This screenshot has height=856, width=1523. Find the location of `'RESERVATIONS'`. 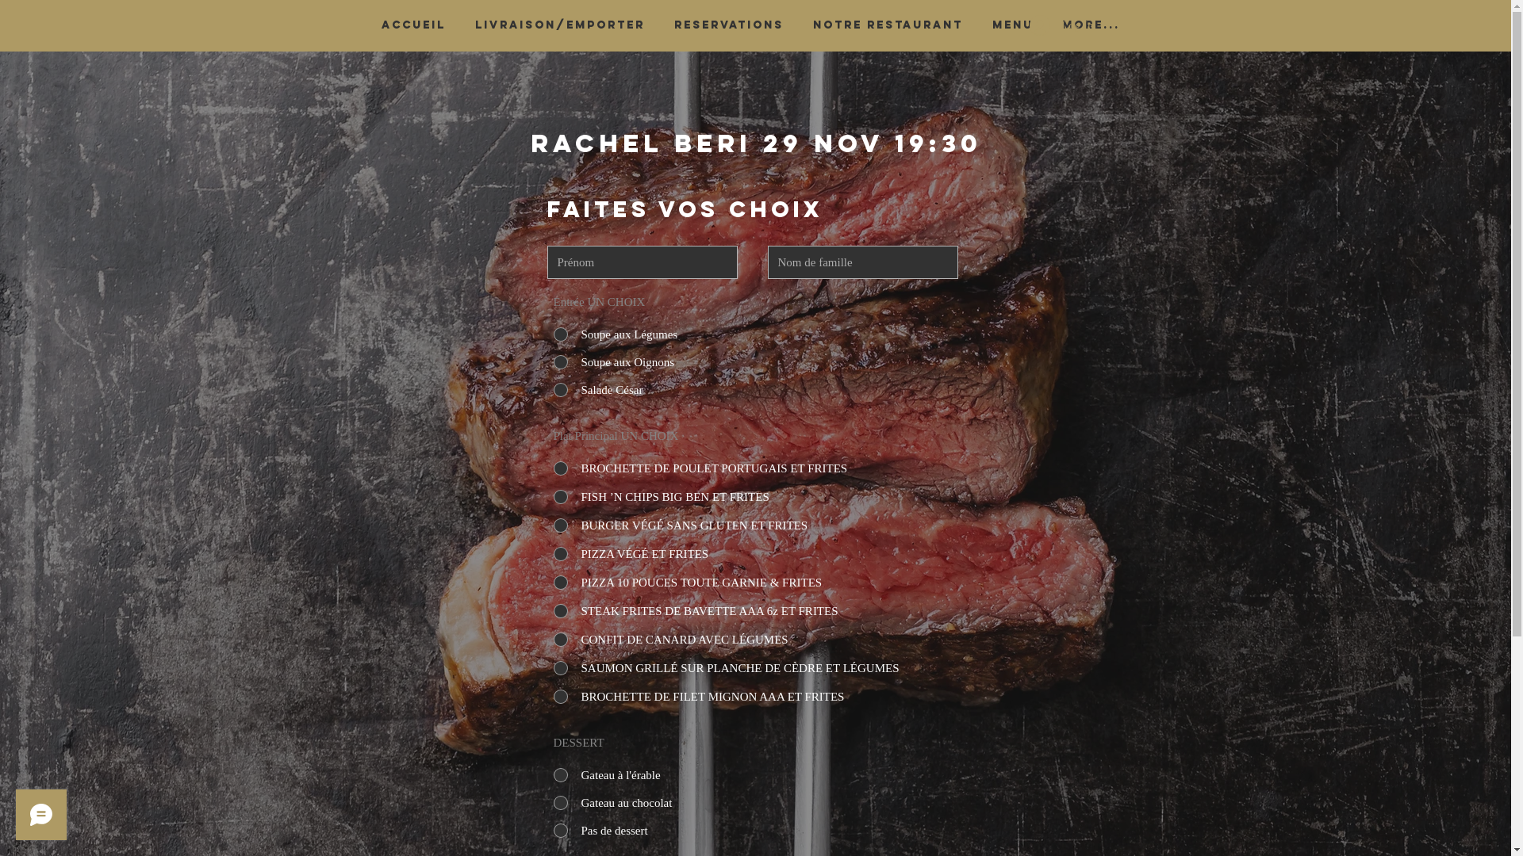

'RESERVATIONS' is located at coordinates (728, 25).